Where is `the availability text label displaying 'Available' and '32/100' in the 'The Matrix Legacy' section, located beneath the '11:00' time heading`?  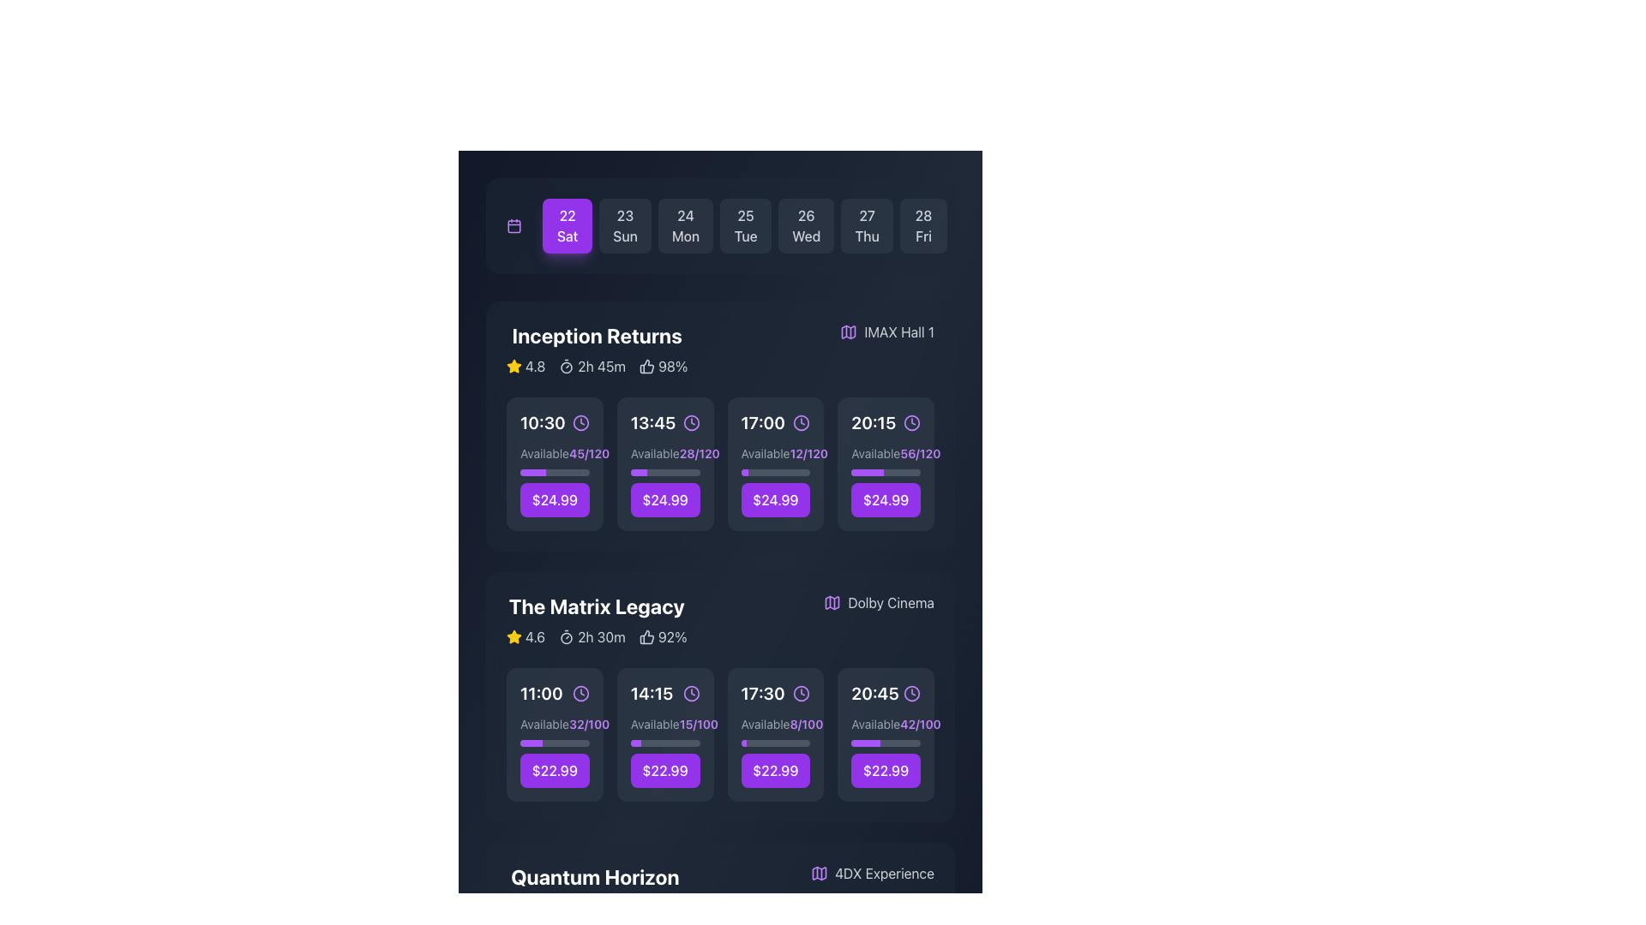 the availability text label displaying 'Available' and '32/100' in the 'The Matrix Legacy' section, located beneath the '11:00' time heading is located at coordinates (555, 724).